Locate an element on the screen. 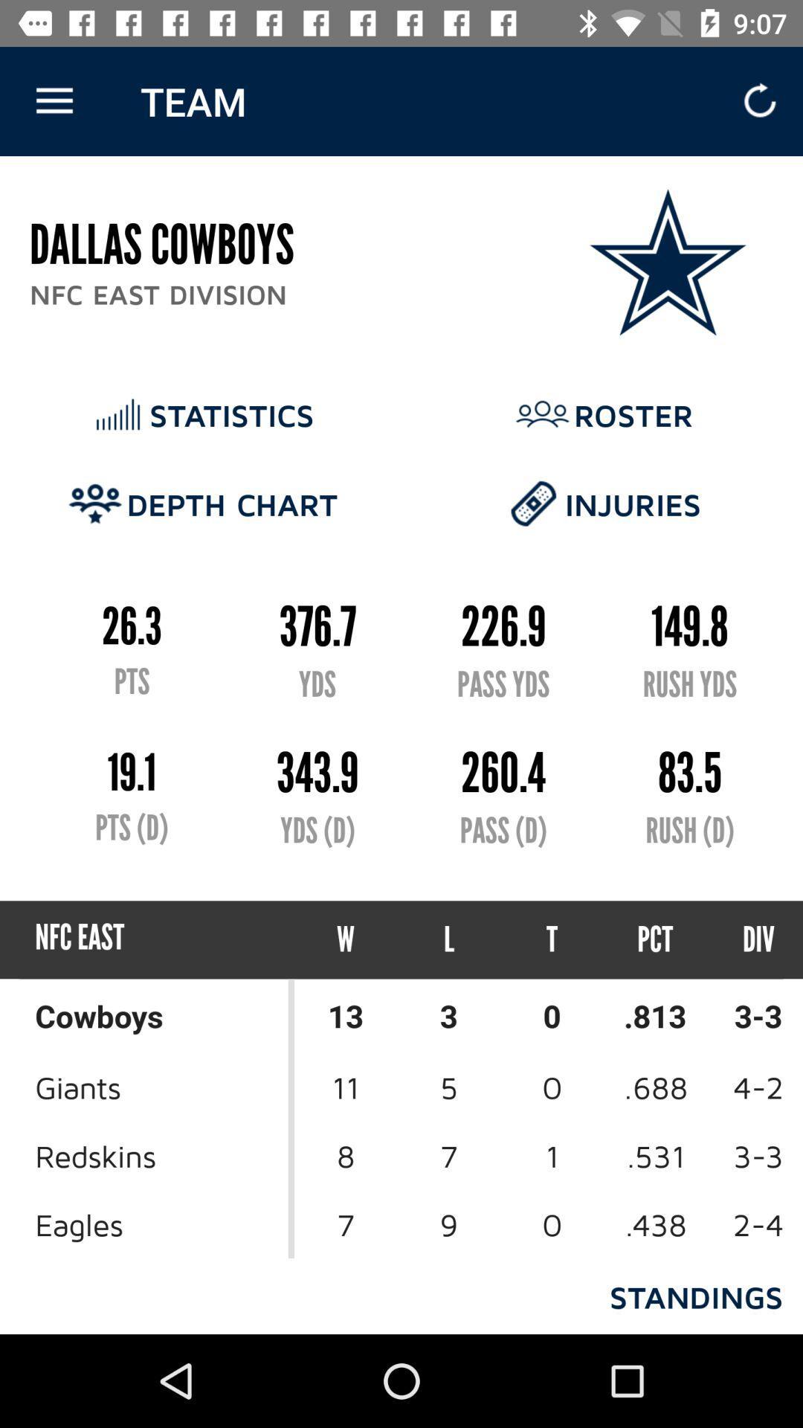 This screenshot has height=1428, width=803. item below yds (d) icon is located at coordinates (346, 939).